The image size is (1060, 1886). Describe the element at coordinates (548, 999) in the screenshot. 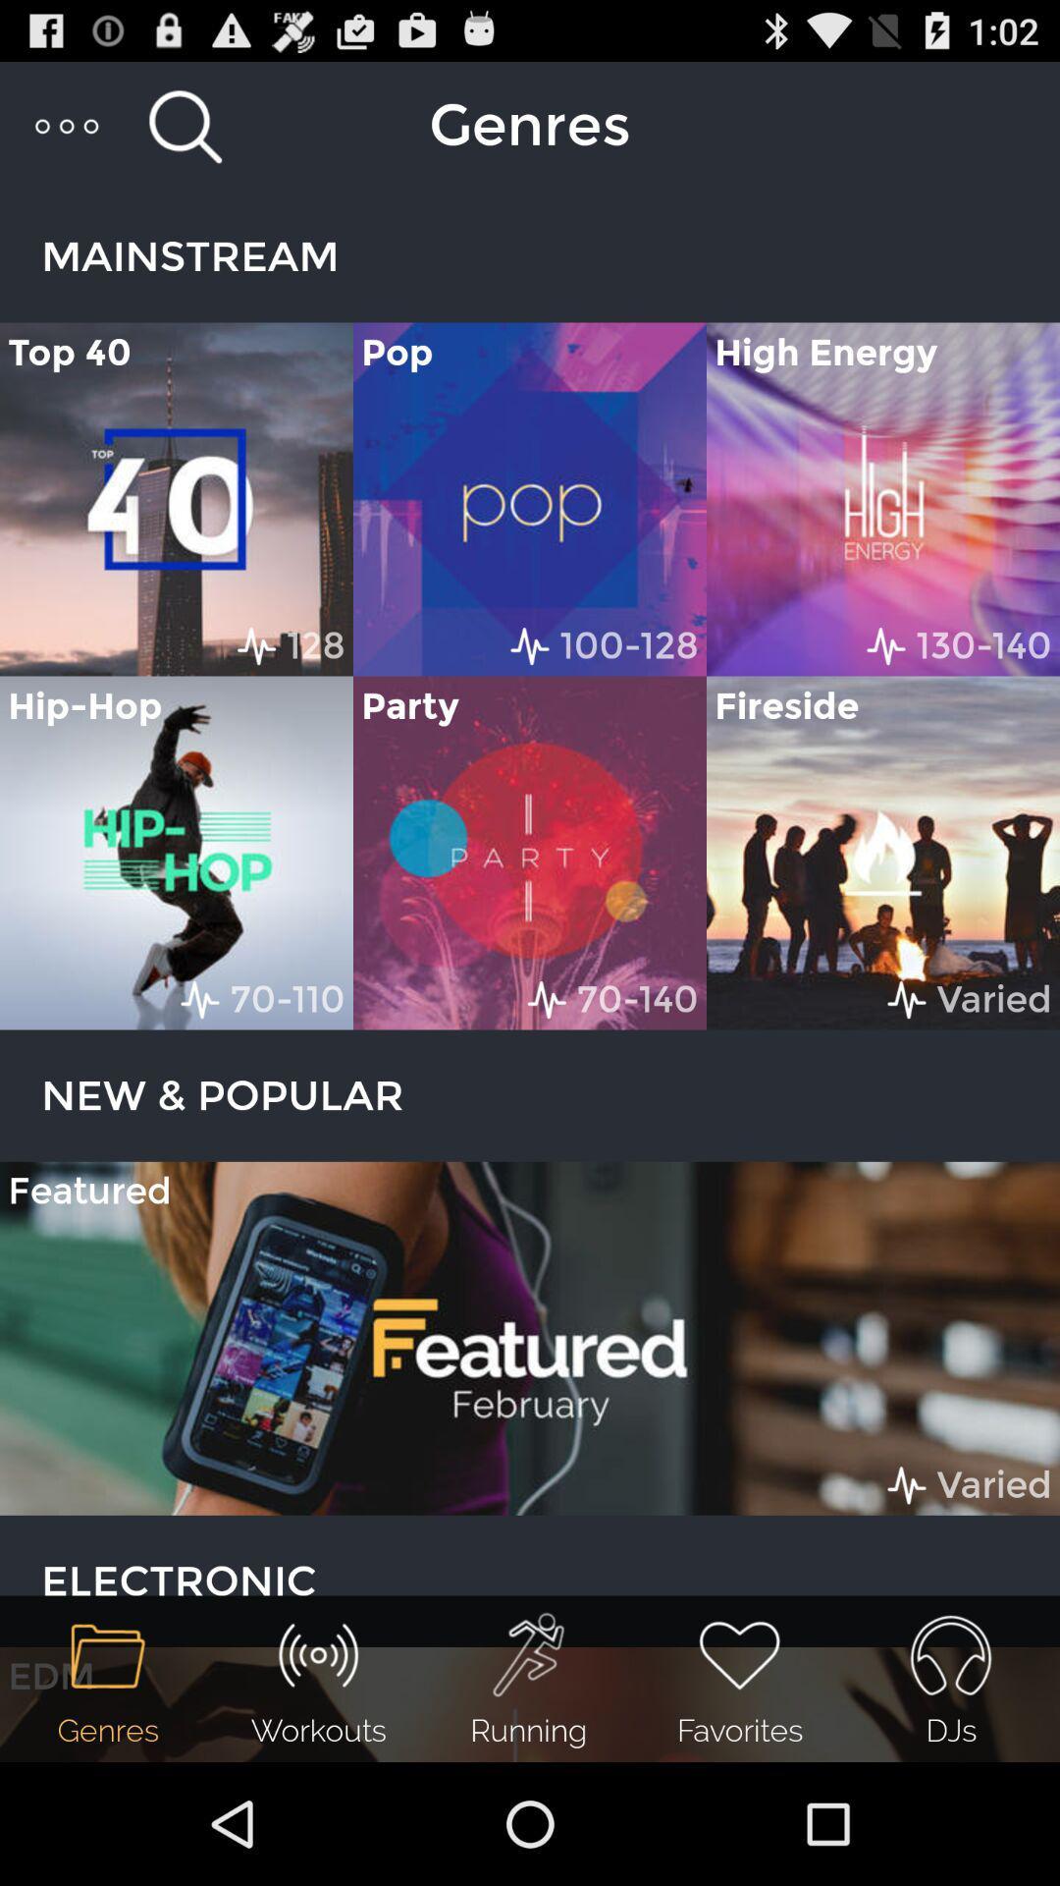

I see `pulse symbol beside 70140` at that location.